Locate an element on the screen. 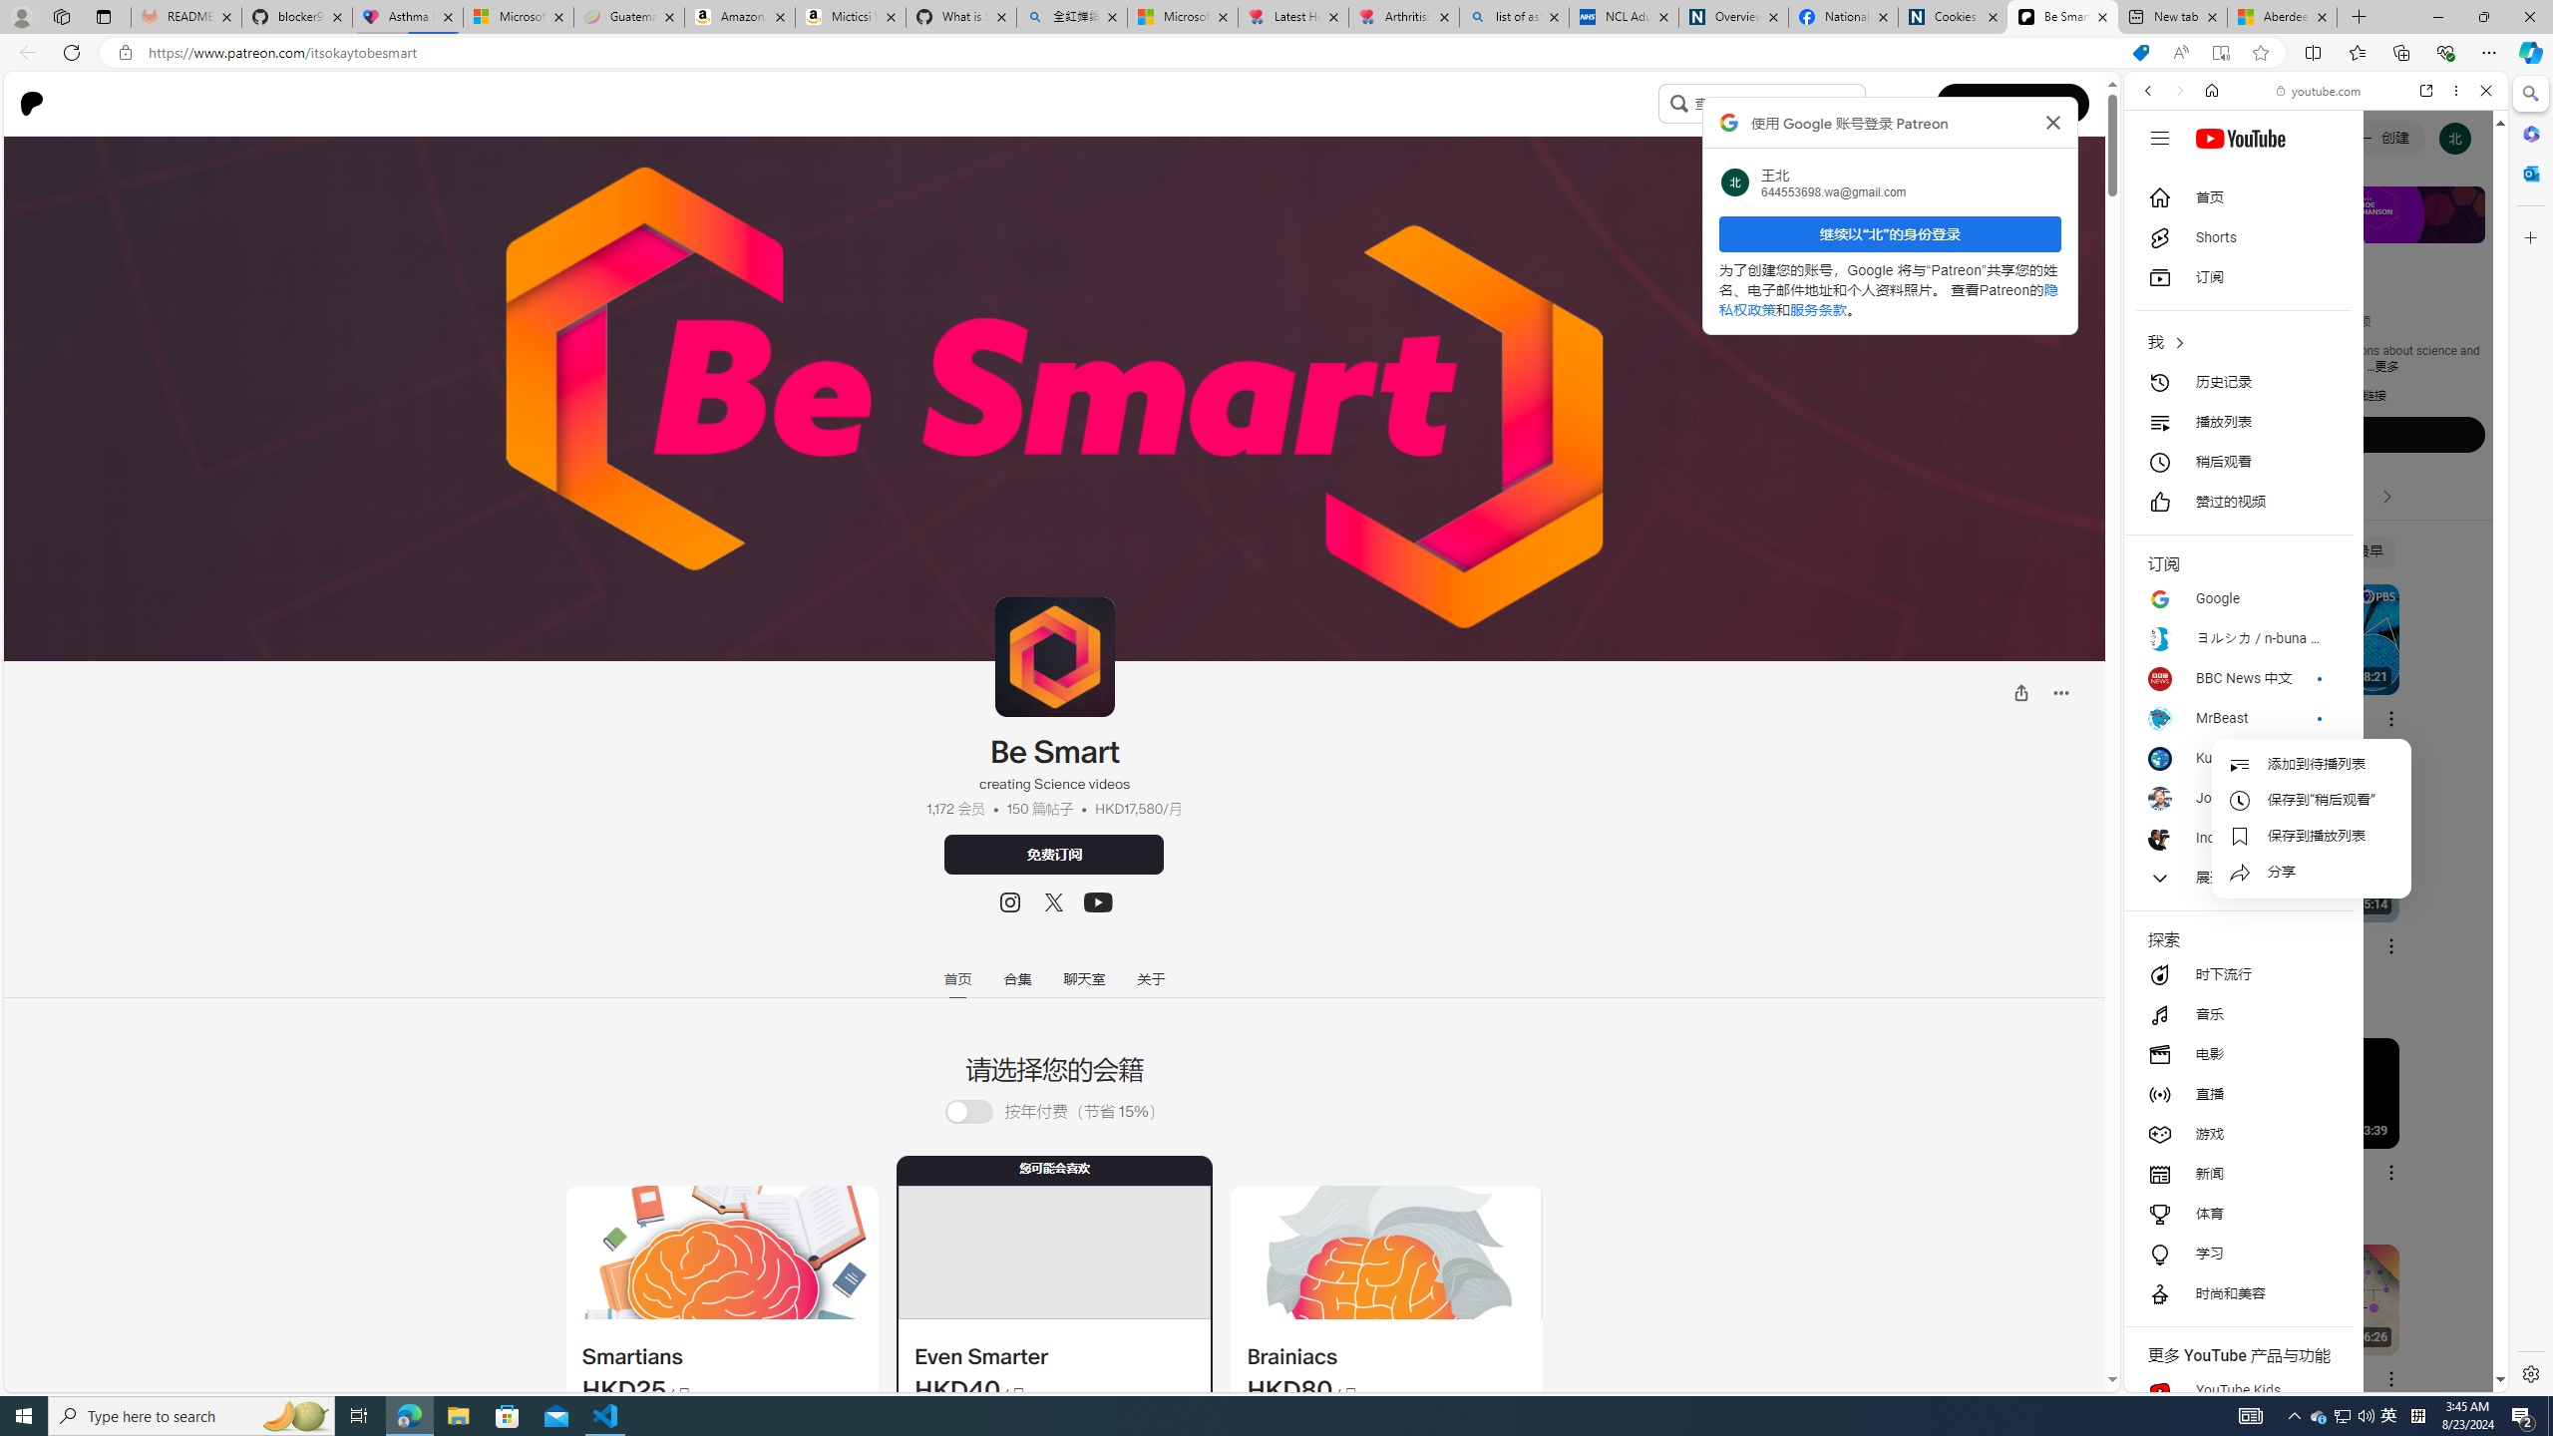 The width and height of the screenshot is (2553, 1436). 'Class: dict_pnIcon rms_img' is located at coordinates (2301, 1375).